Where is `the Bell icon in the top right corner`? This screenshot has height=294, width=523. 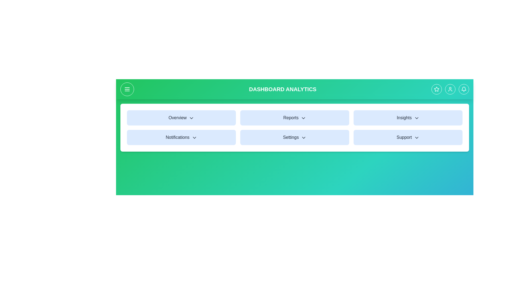 the Bell icon in the top right corner is located at coordinates (464, 89).